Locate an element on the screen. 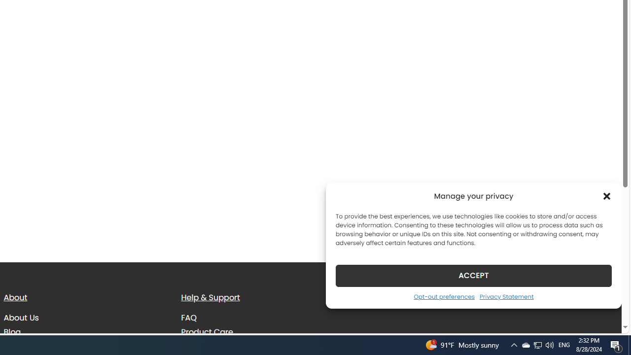 The height and width of the screenshot is (355, 631). 'Privacy Statement' is located at coordinates (506, 296).